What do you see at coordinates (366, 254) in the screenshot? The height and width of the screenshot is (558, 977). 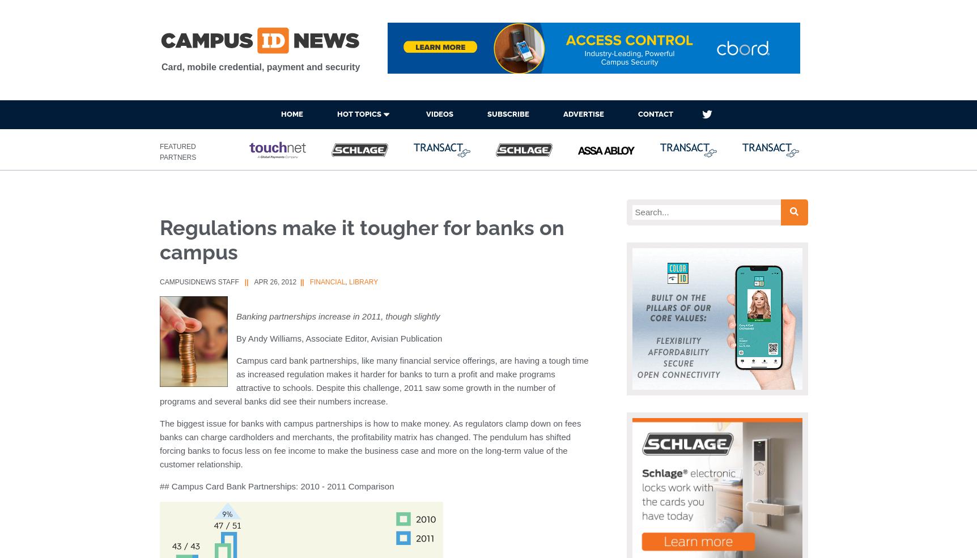 I see `'Privilege Control'` at bounding box center [366, 254].